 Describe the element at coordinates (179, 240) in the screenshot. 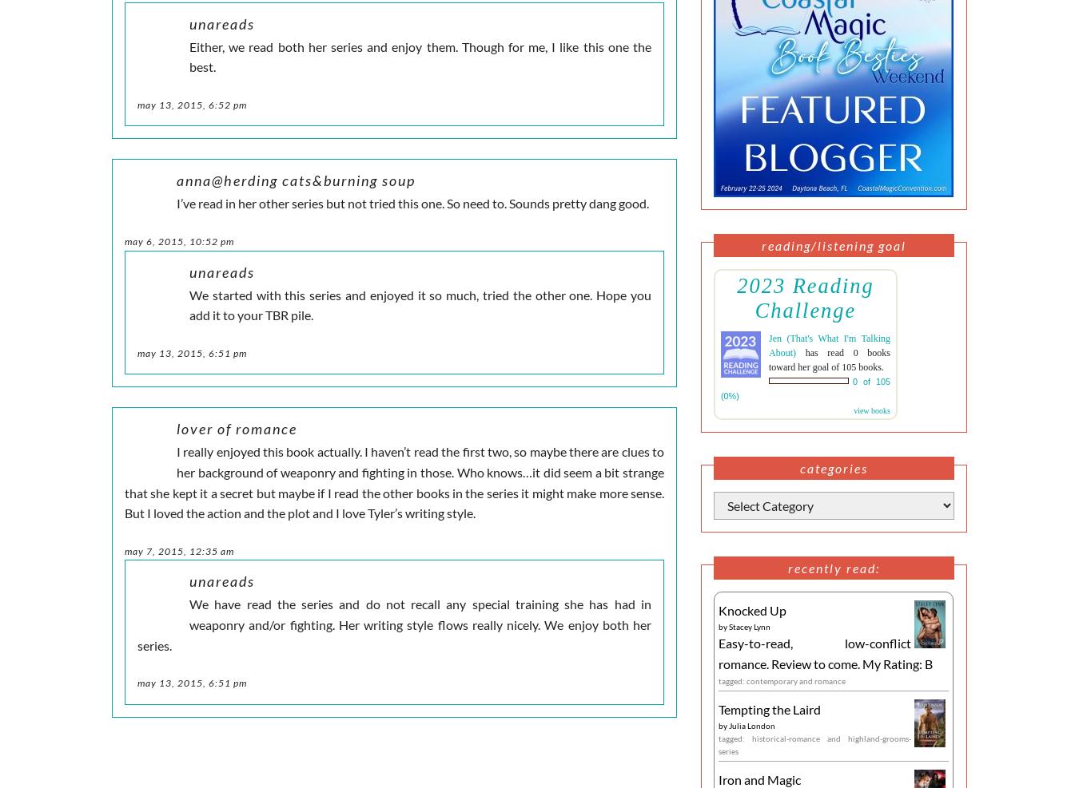

I see `'May 6, 2015, 10:52 pm'` at that location.